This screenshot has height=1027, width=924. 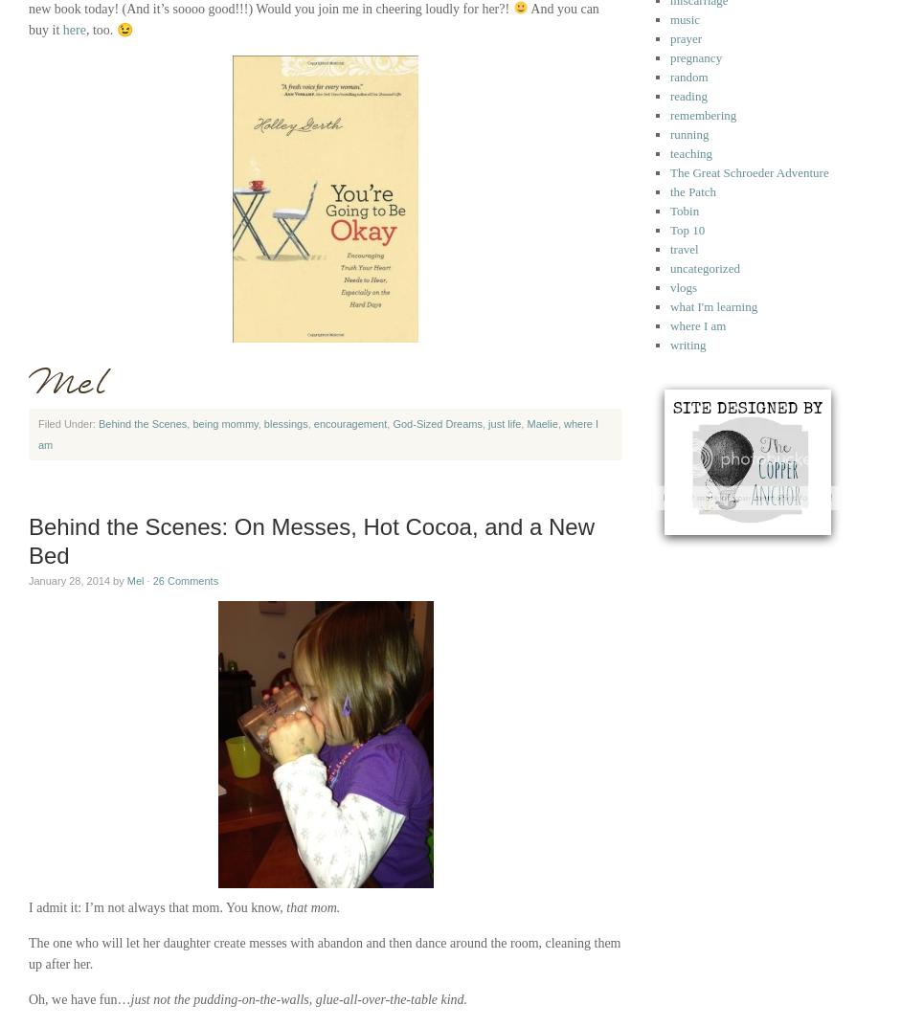 What do you see at coordinates (693, 191) in the screenshot?
I see `'the Patch'` at bounding box center [693, 191].